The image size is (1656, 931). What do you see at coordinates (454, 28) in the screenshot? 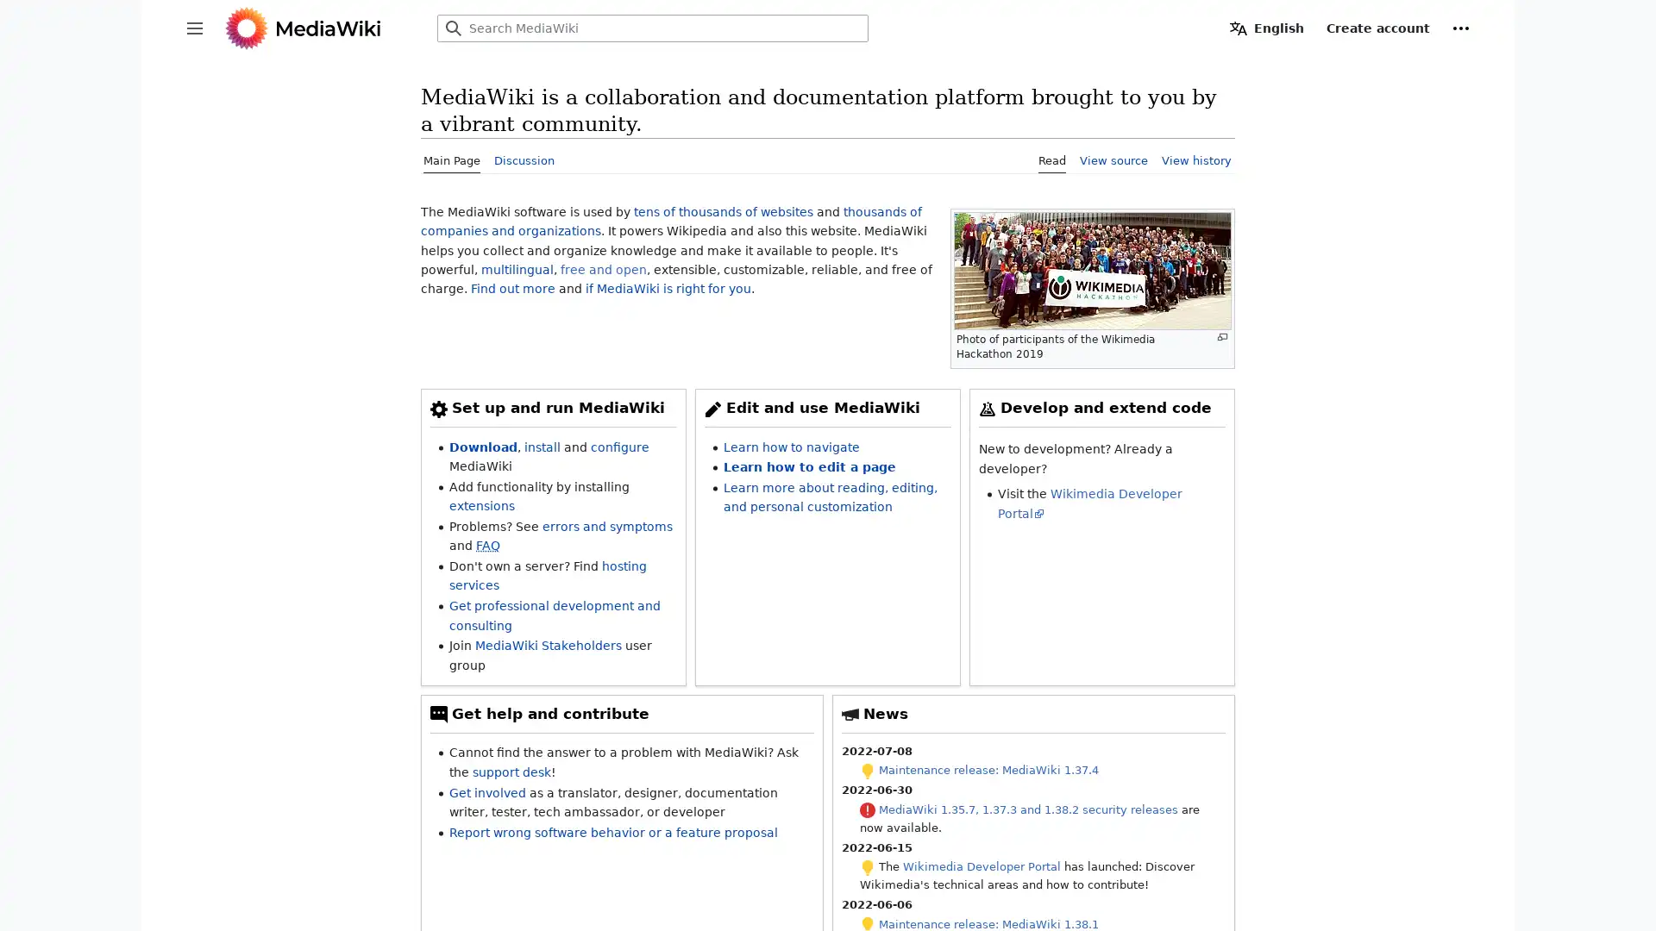
I see `Search` at bounding box center [454, 28].